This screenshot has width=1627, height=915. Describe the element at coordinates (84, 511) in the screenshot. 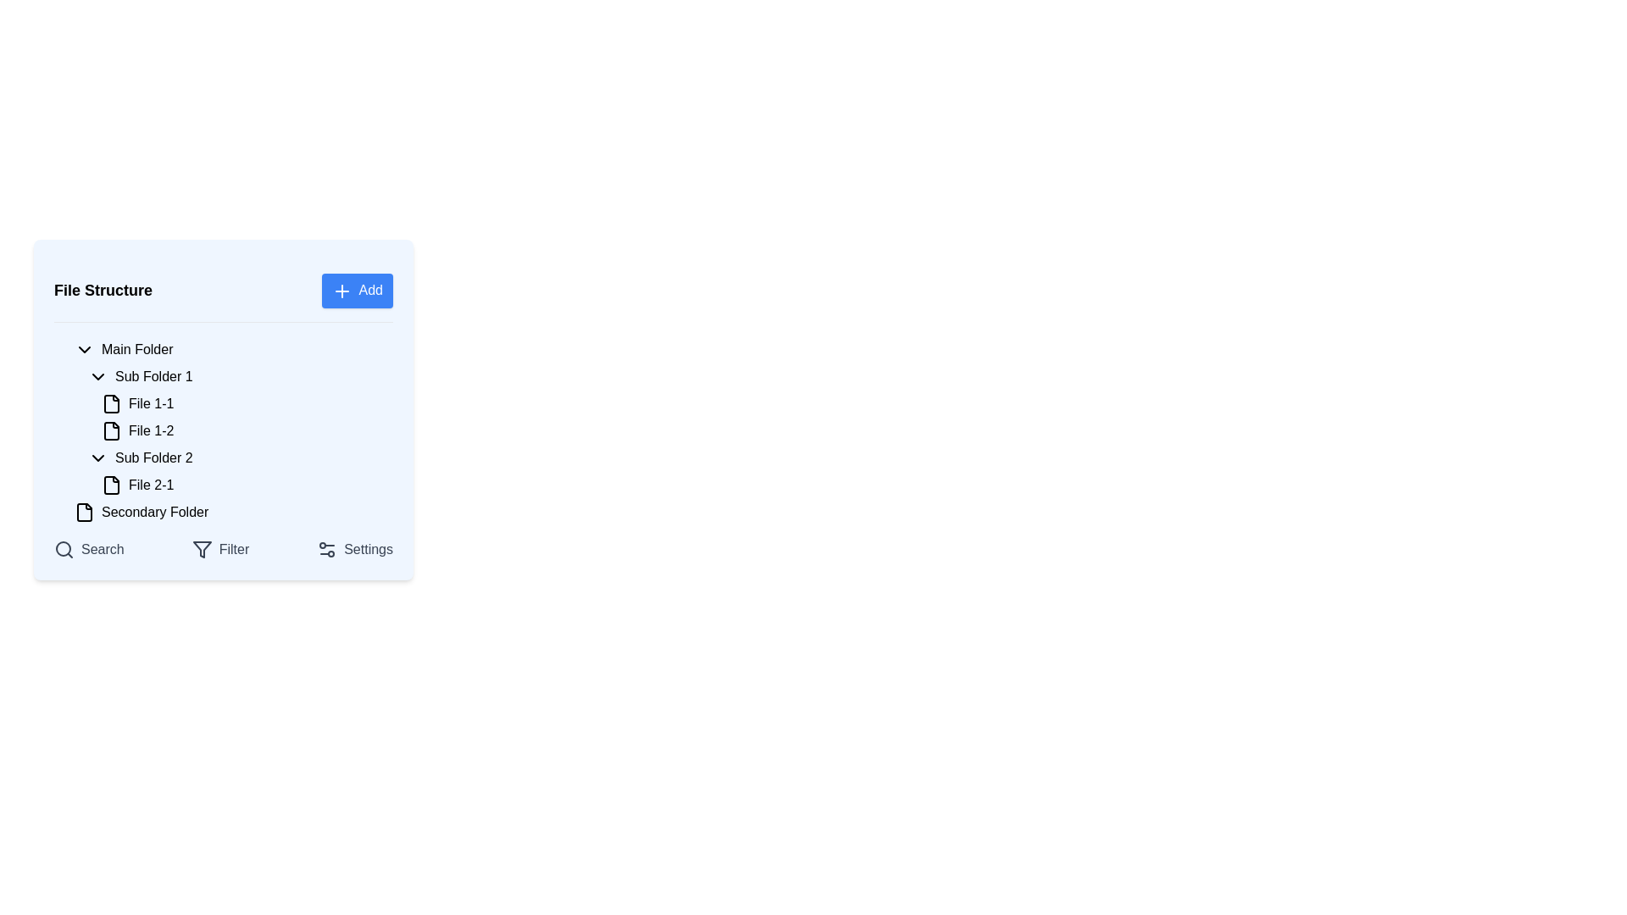

I see `the rectangular icon resembling a simplified file representation, located directly to the left of the label 'Secondary Folder' in the 'File Structure' section` at that location.